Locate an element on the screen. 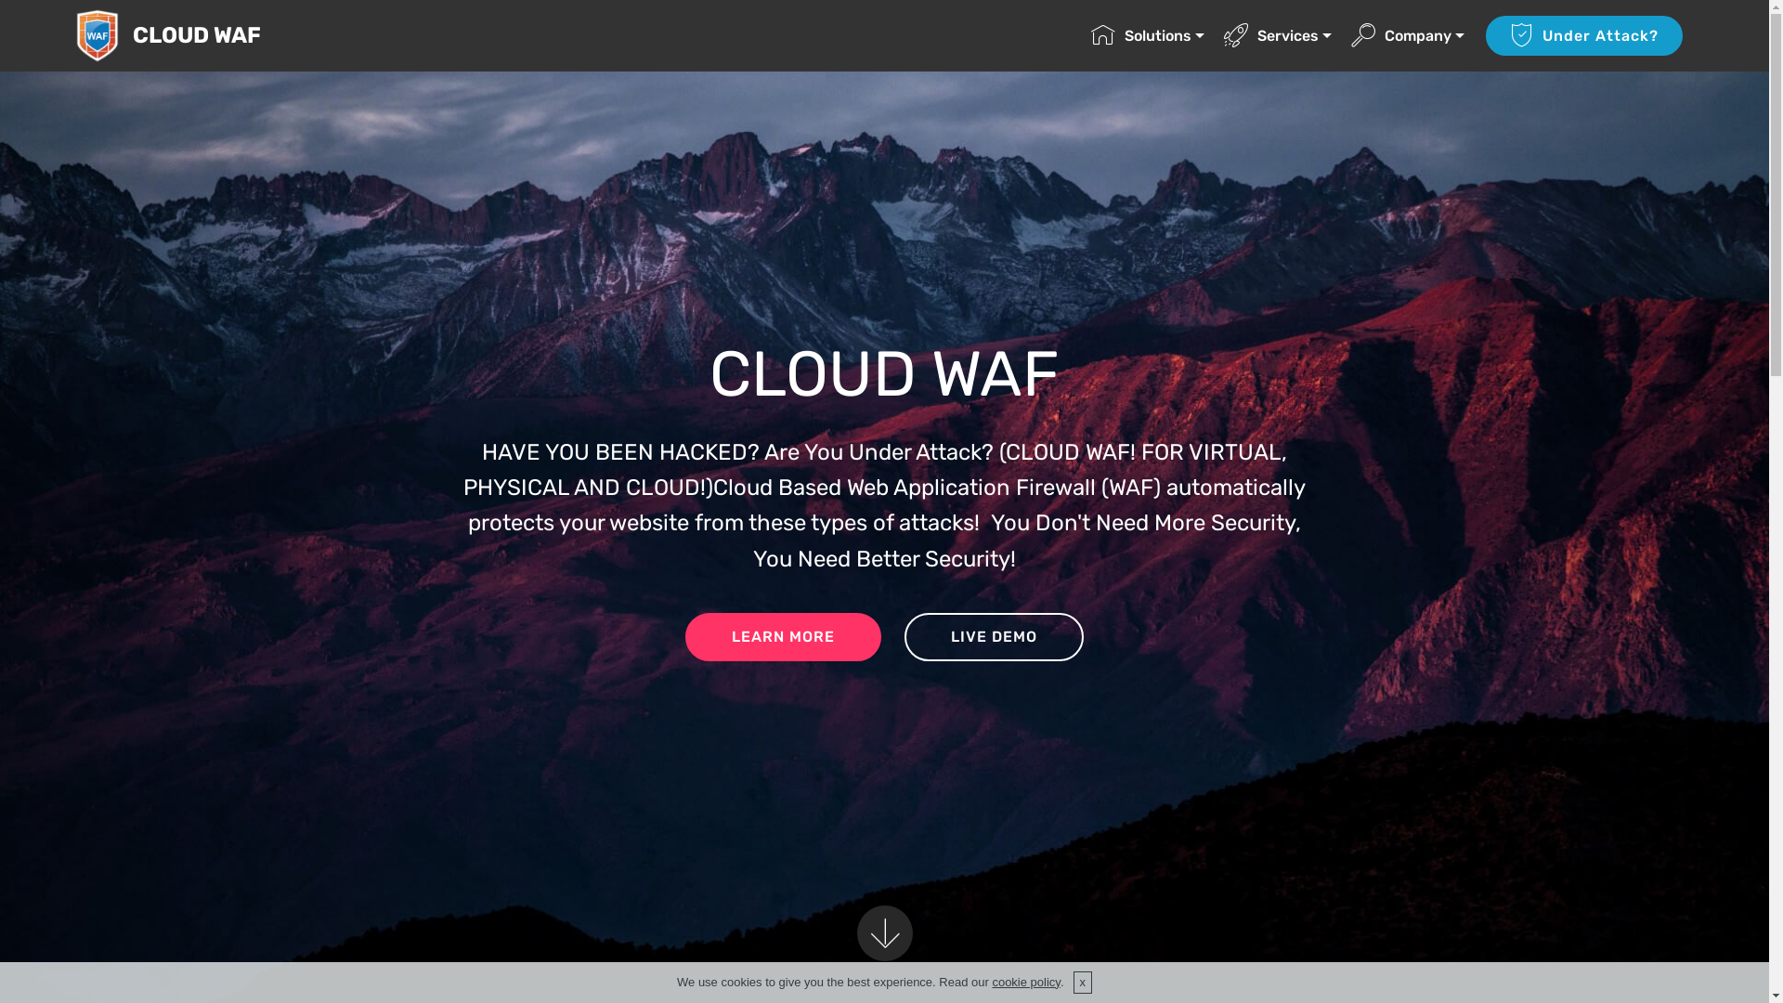 The width and height of the screenshot is (1783, 1003). 'Company' is located at coordinates (1350, 35).